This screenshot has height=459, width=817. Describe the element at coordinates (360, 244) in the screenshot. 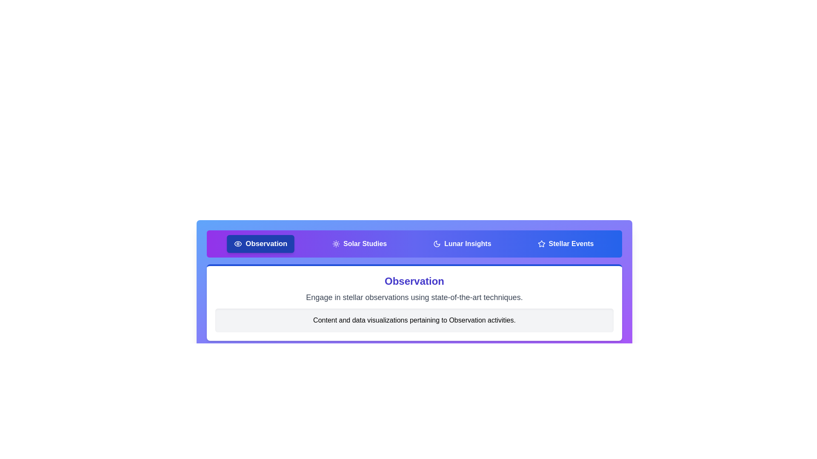

I see `the tab labeled Solar Studies to switch to its content` at that location.